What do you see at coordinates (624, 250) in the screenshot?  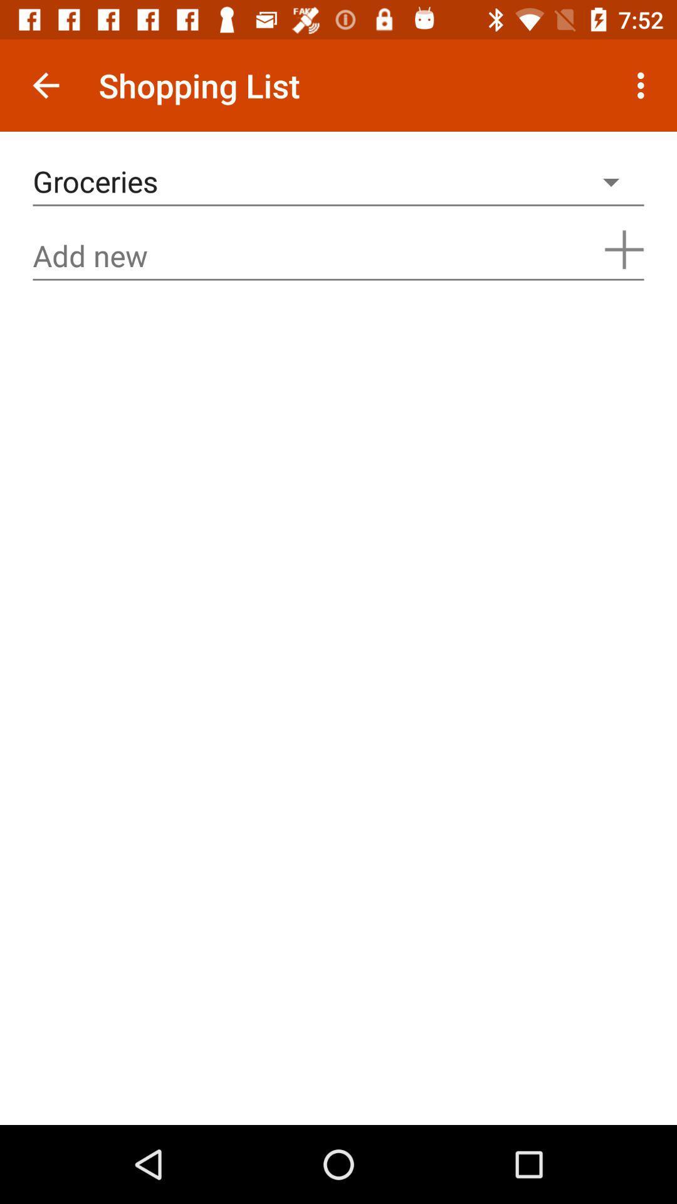 I see `increase` at bounding box center [624, 250].